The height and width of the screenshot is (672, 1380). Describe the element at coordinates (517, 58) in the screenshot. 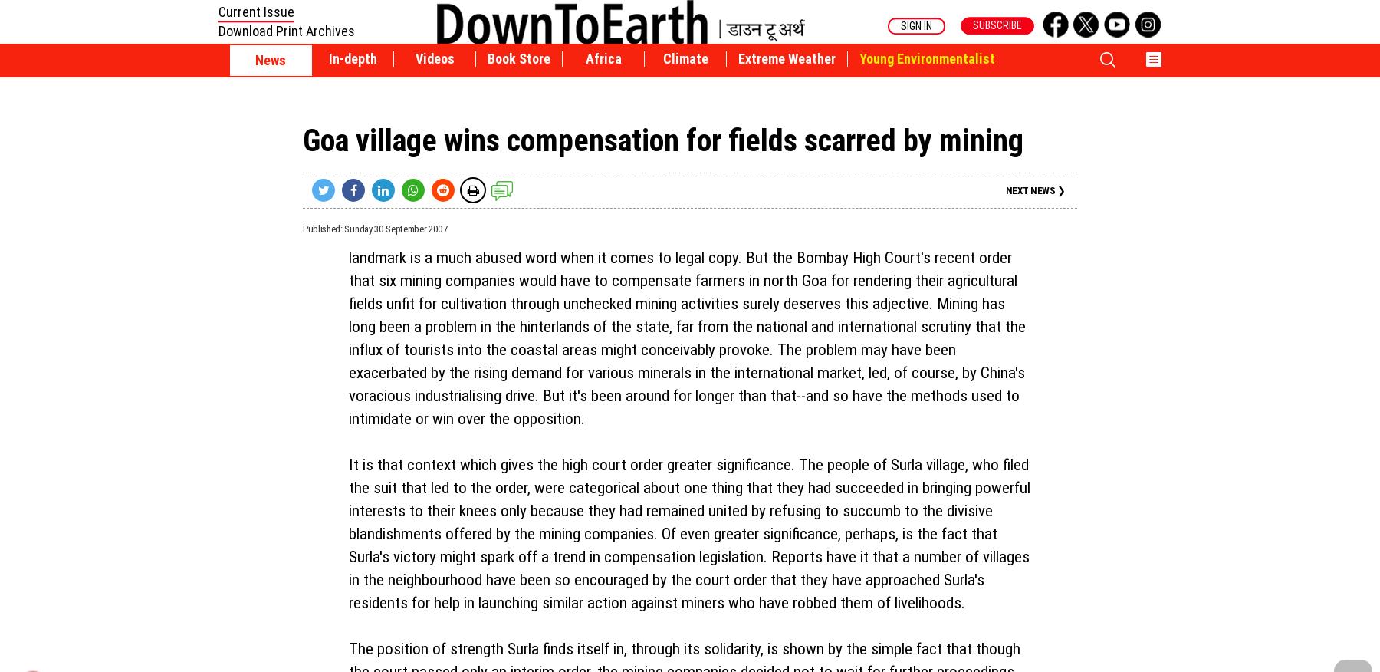

I see `'Book Store'` at that location.